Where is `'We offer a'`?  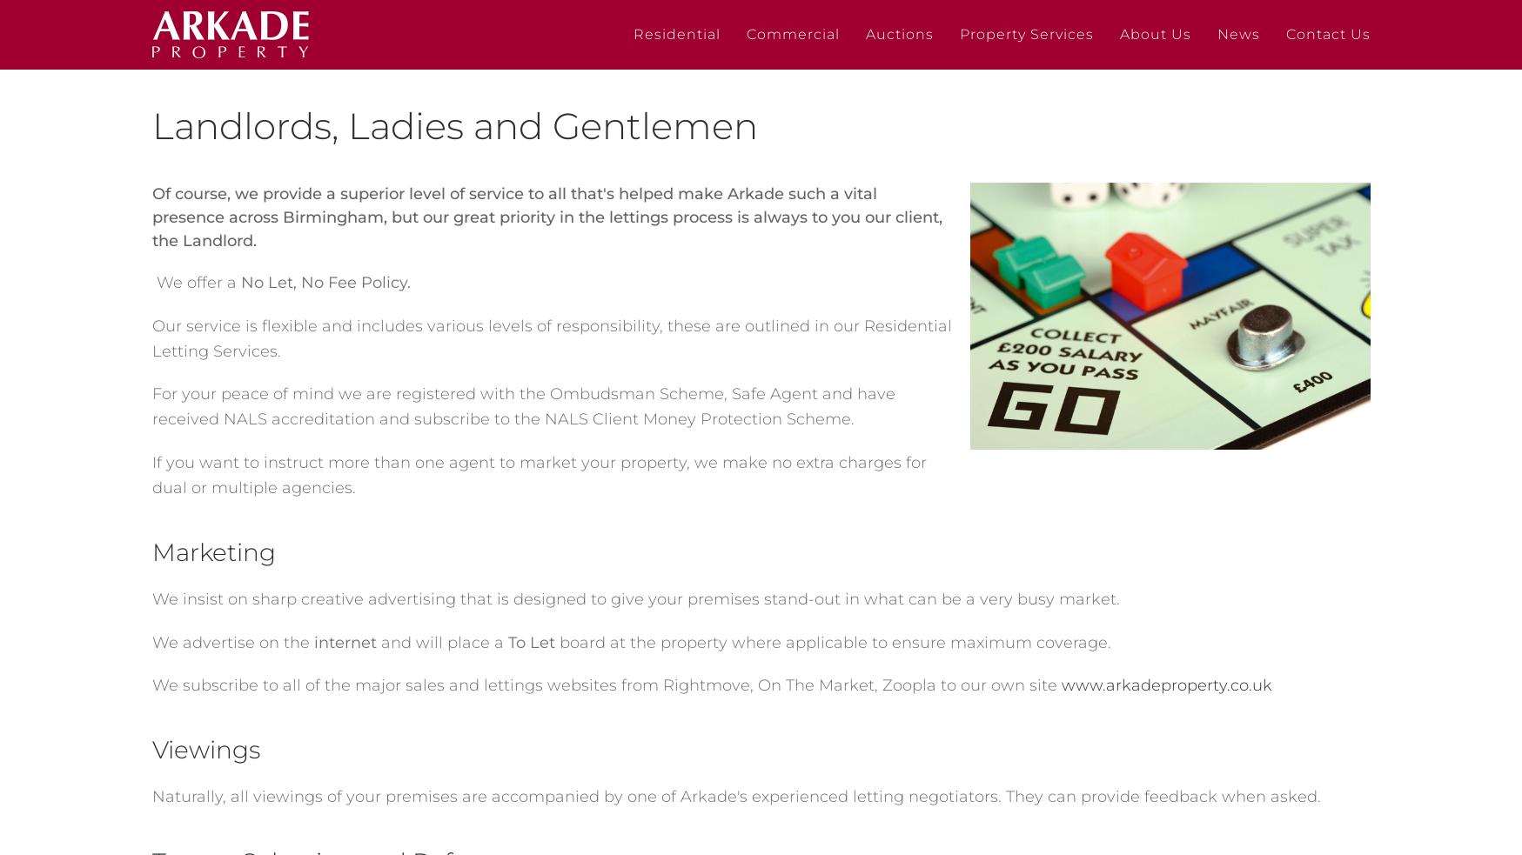 'We offer a' is located at coordinates (195, 282).